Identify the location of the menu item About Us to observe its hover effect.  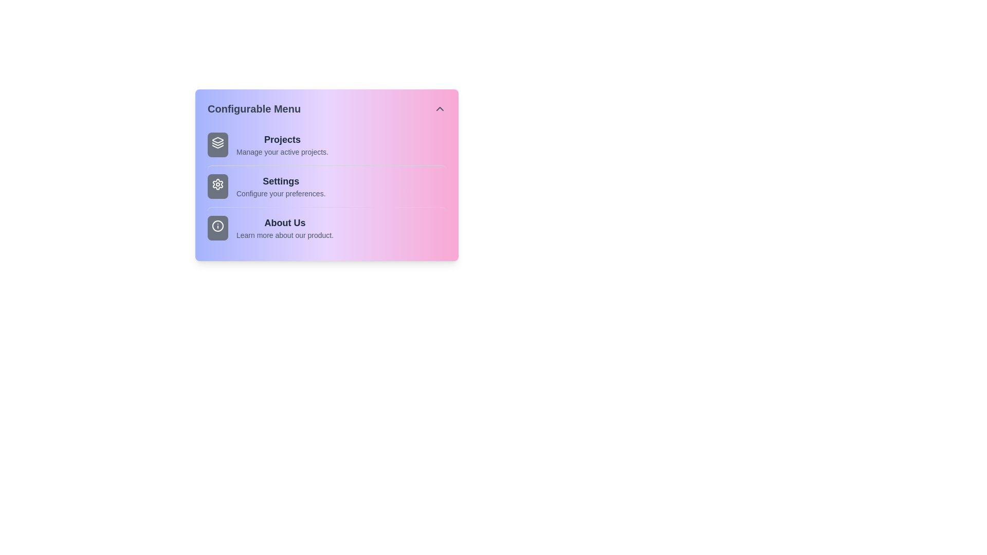
(326, 227).